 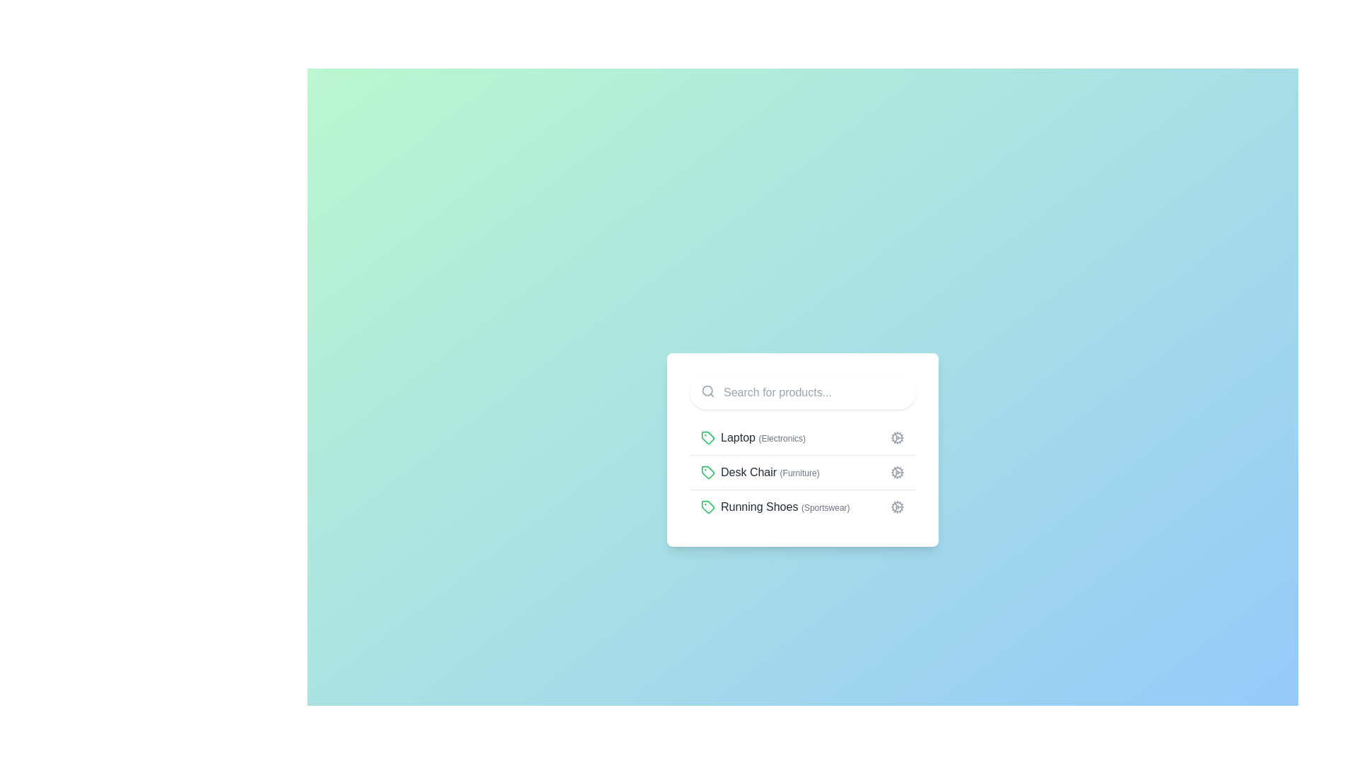 What do you see at coordinates (769, 472) in the screenshot?
I see `the 'Desk Chair' text label` at bounding box center [769, 472].